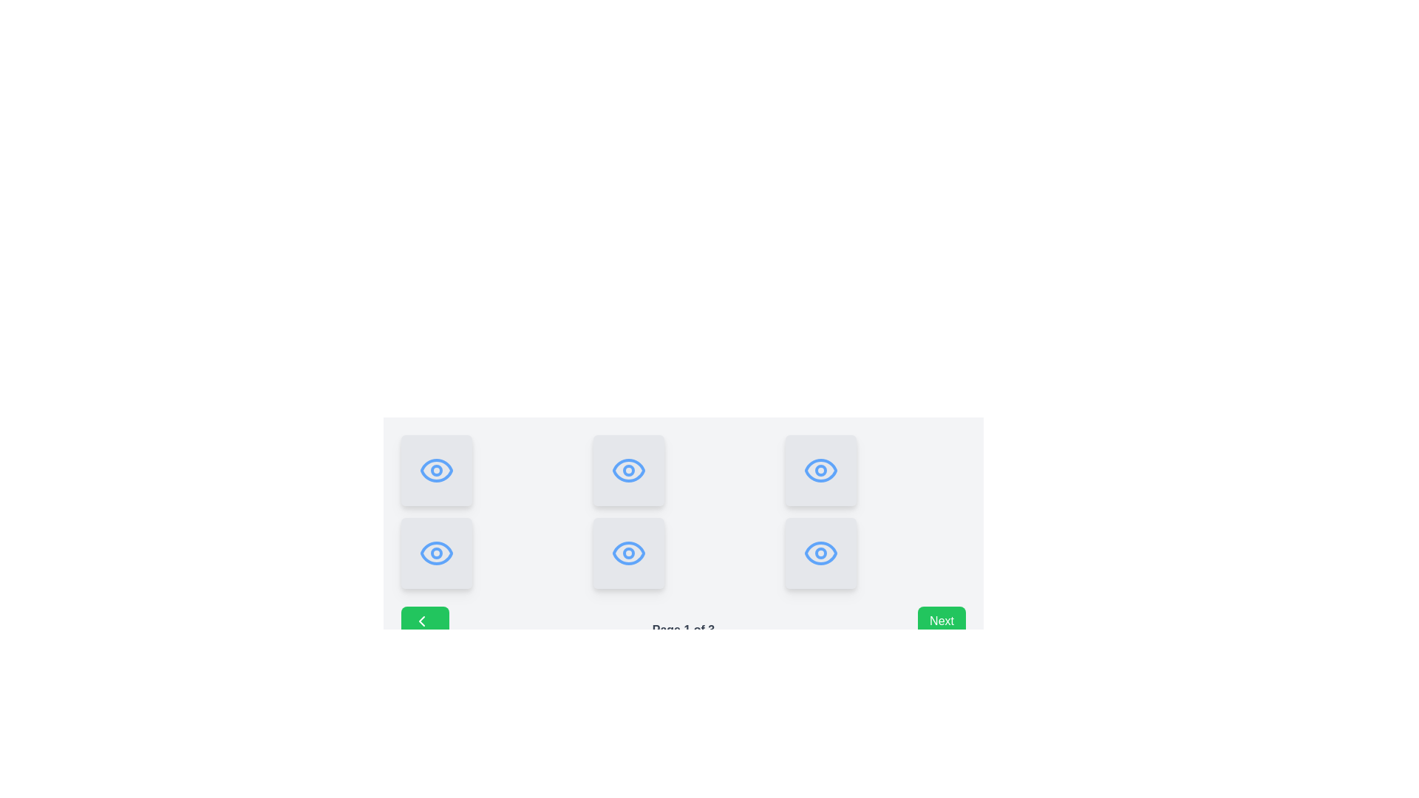  I want to click on the visual indicator icon, so click(435, 553).